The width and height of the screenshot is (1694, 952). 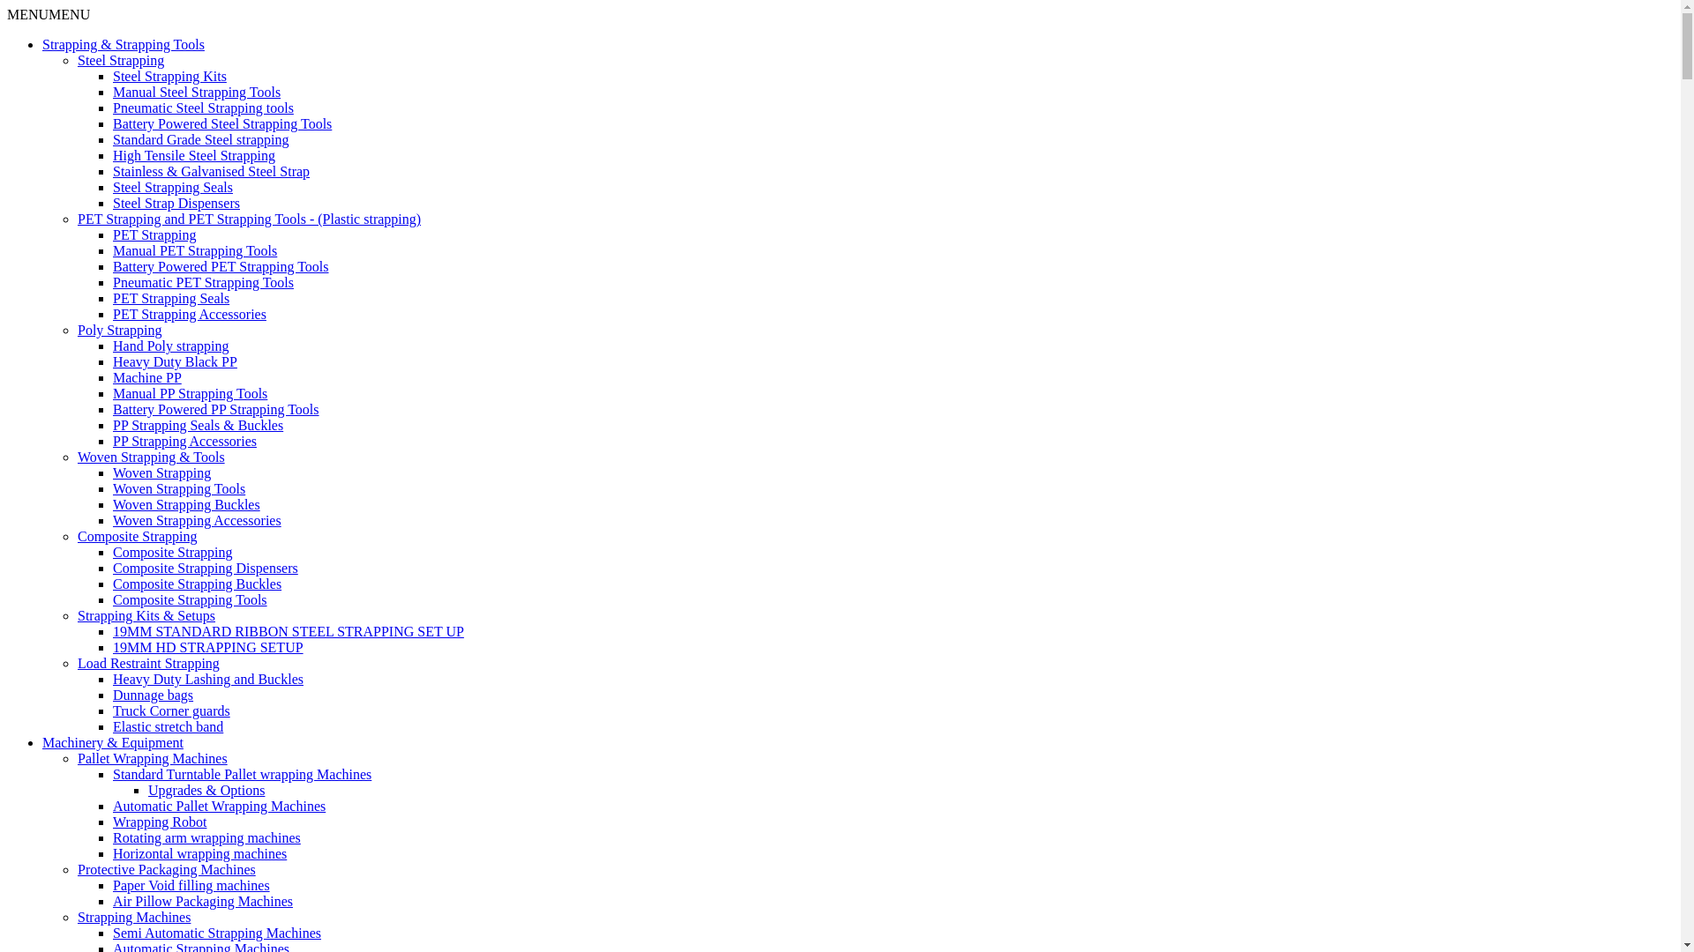 I want to click on 'Battery Powered Steel Strapping Tools', so click(x=221, y=123).